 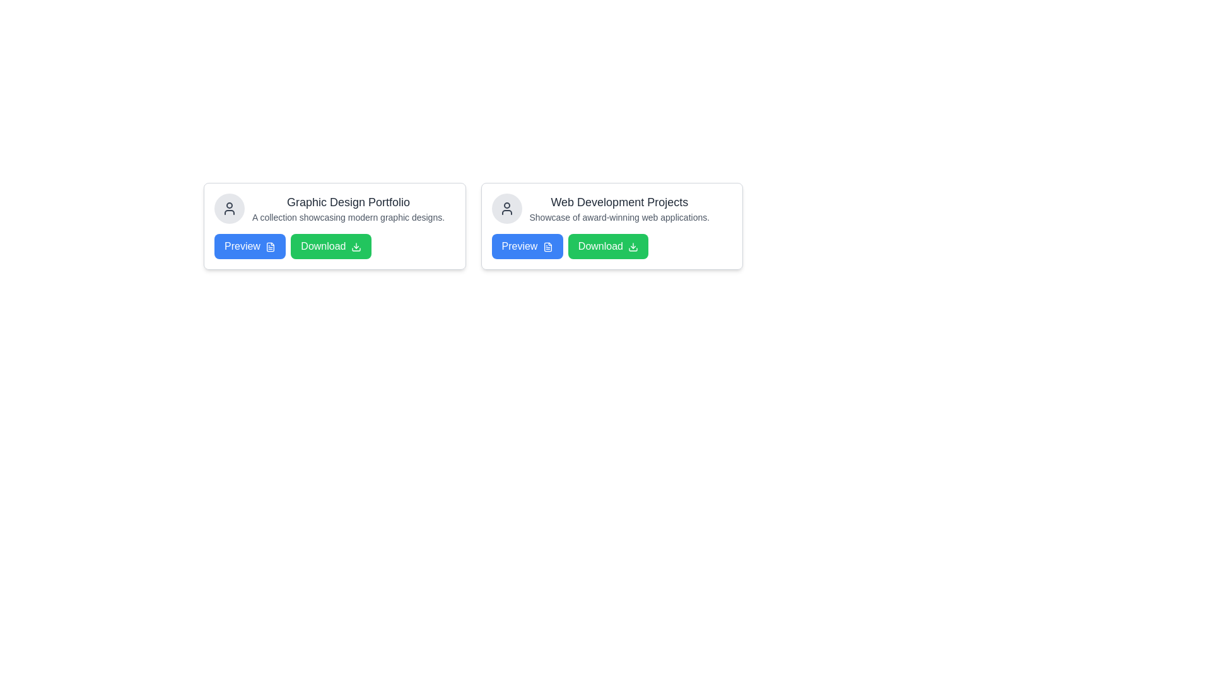 I want to click on the title text element of the graphic design portfolio card, which is located at the center-top of the left card in the layout, so click(x=348, y=201).